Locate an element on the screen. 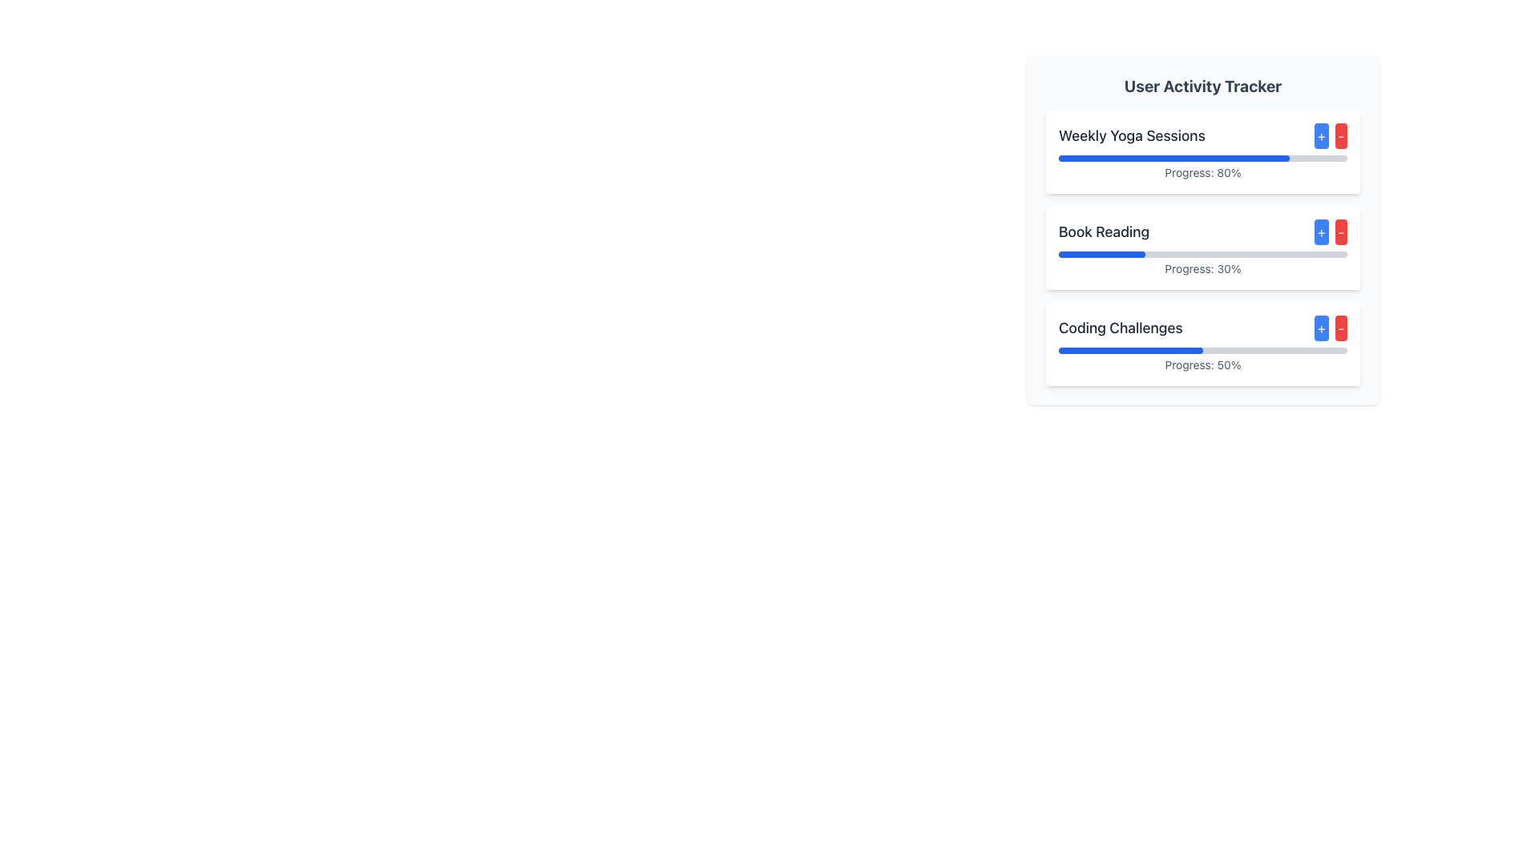  the blue-colored progress bar segment that indicates 50% completion within the 'Coding Challenges' section of the user activity tracker is located at coordinates (1130, 350).